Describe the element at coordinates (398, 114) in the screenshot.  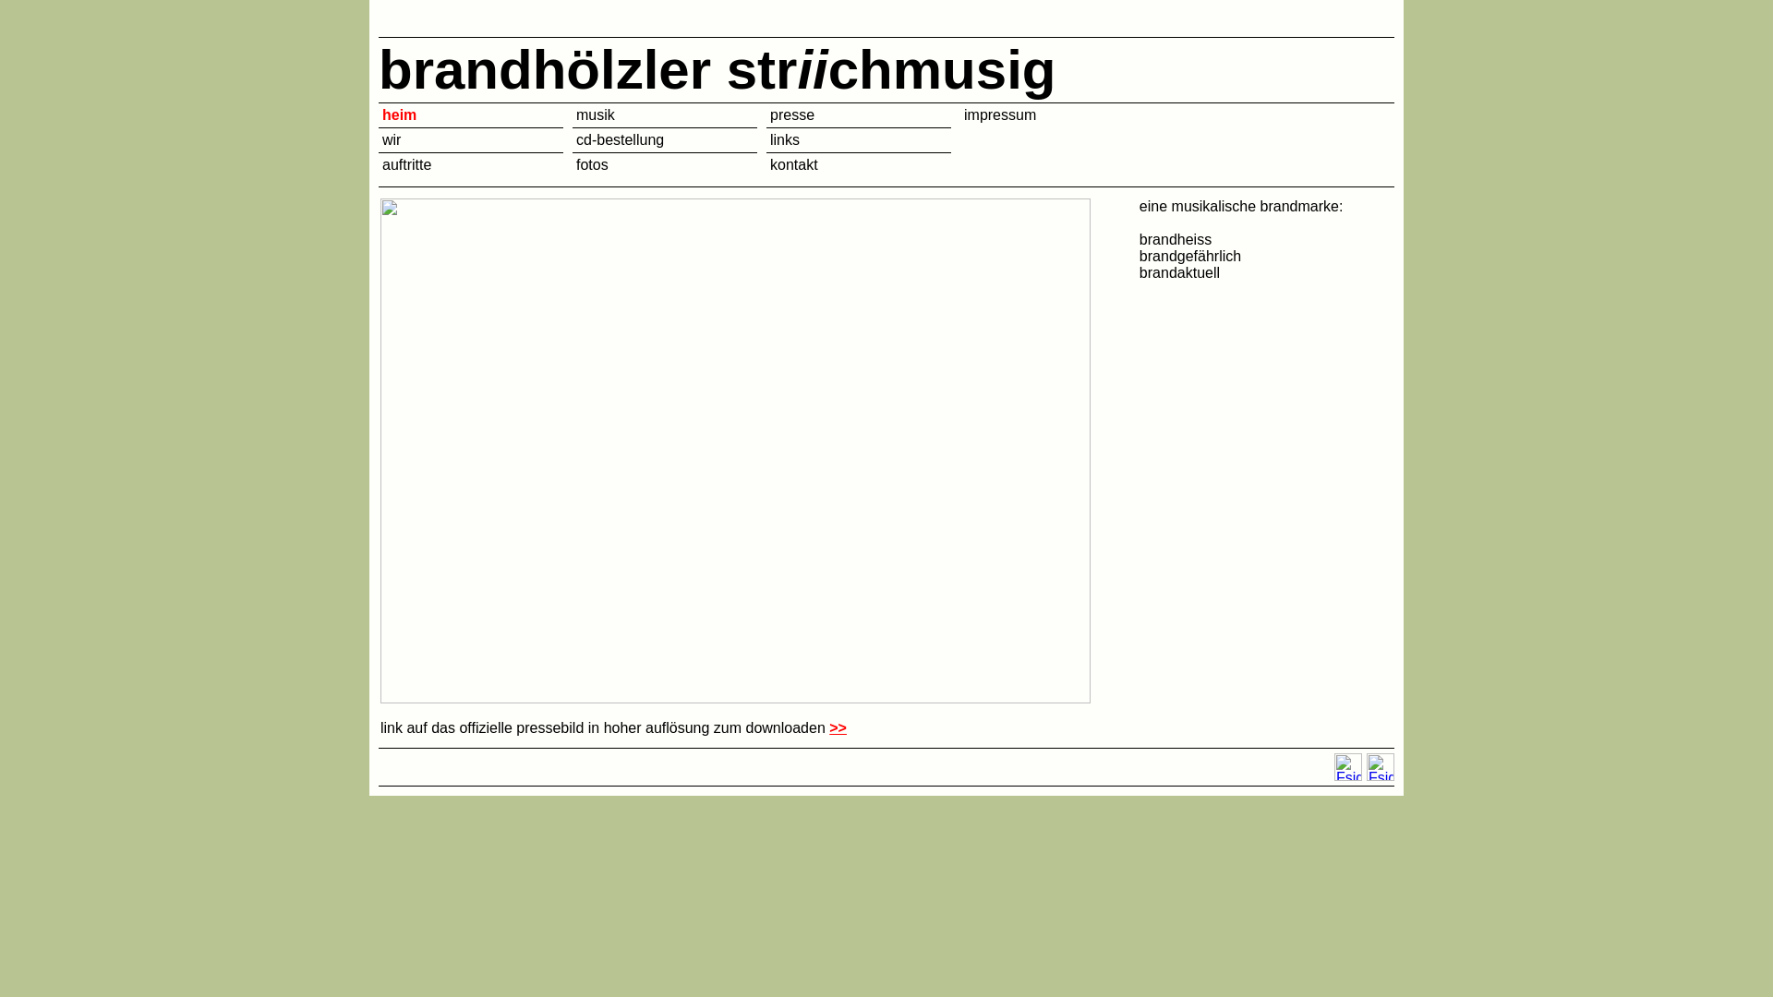
I see `'heim'` at that location.